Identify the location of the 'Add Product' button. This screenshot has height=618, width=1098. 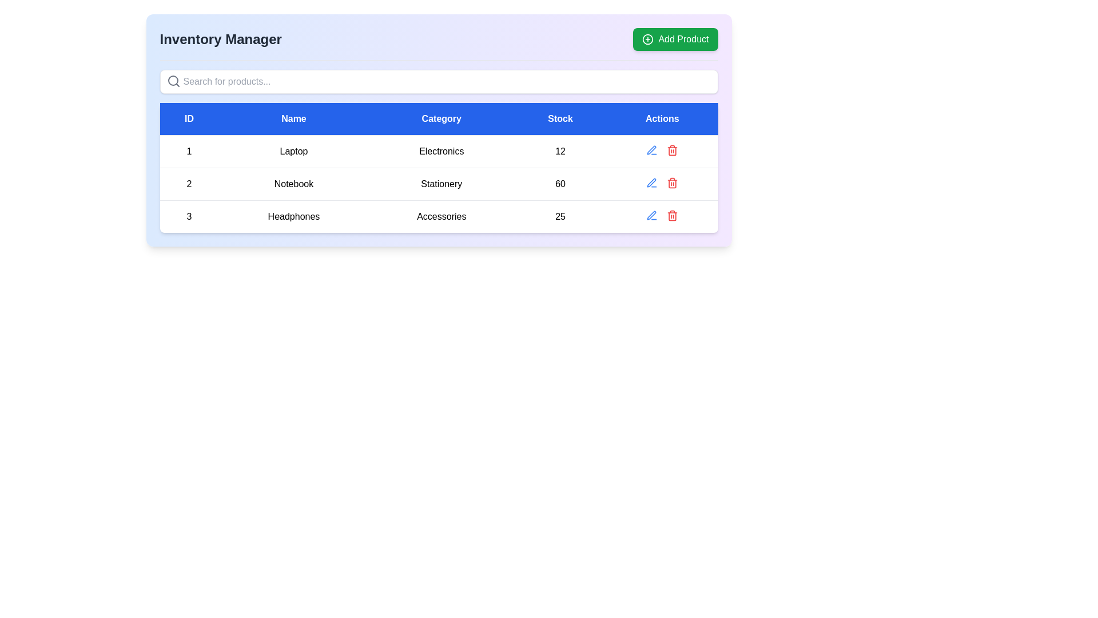
(675, 39).